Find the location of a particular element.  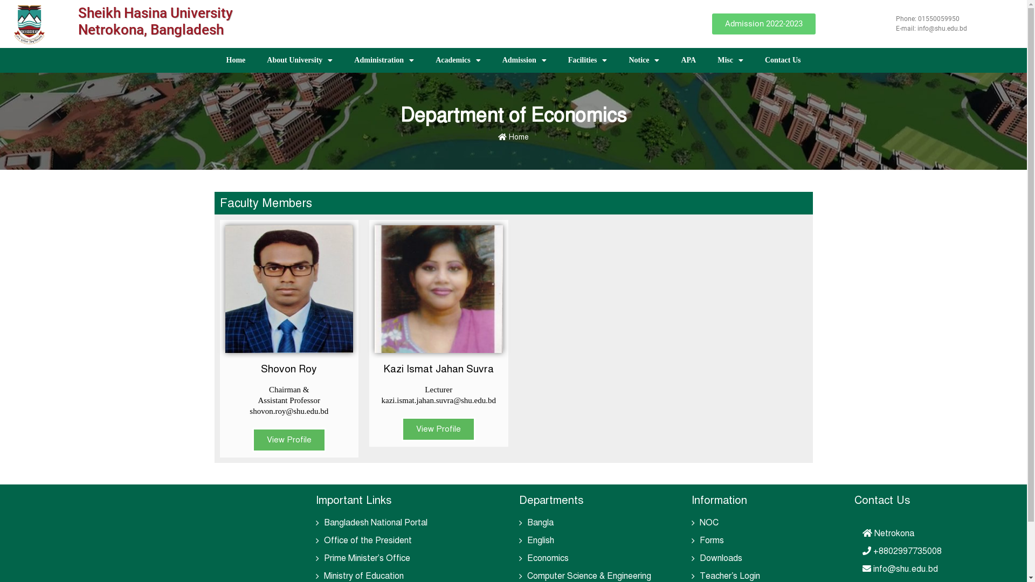

'Bangla' is located at coordinates (540, 522).